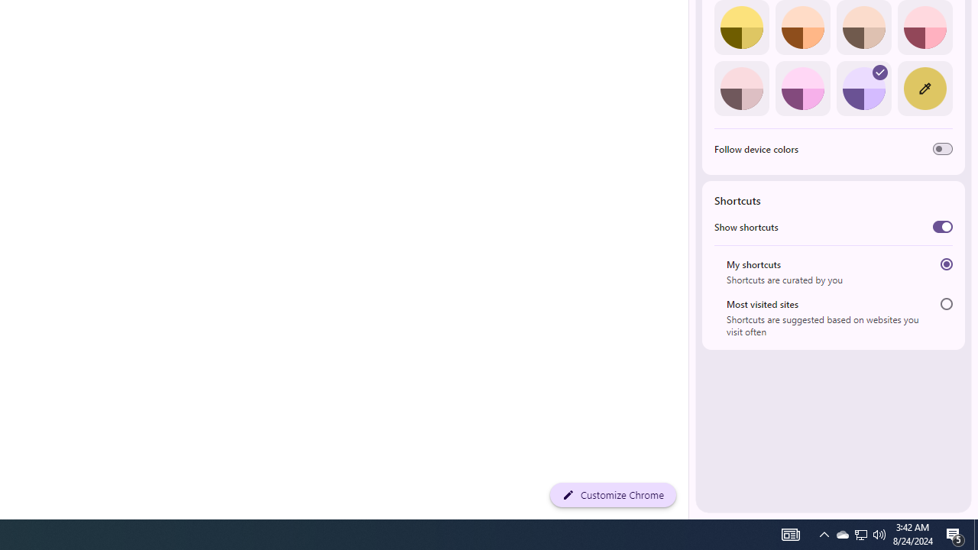 The height and width of the screenshot is (550, 978). Describe the element at coordinates (863, 88) in the screenshot. I see `'Violet'` at that location.